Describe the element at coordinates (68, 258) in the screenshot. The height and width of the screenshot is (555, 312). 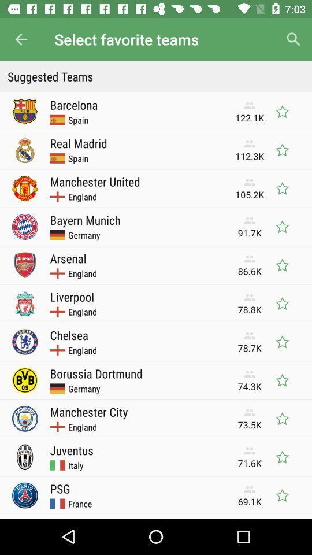
I see `the icon next to 86.6k item` at that location.